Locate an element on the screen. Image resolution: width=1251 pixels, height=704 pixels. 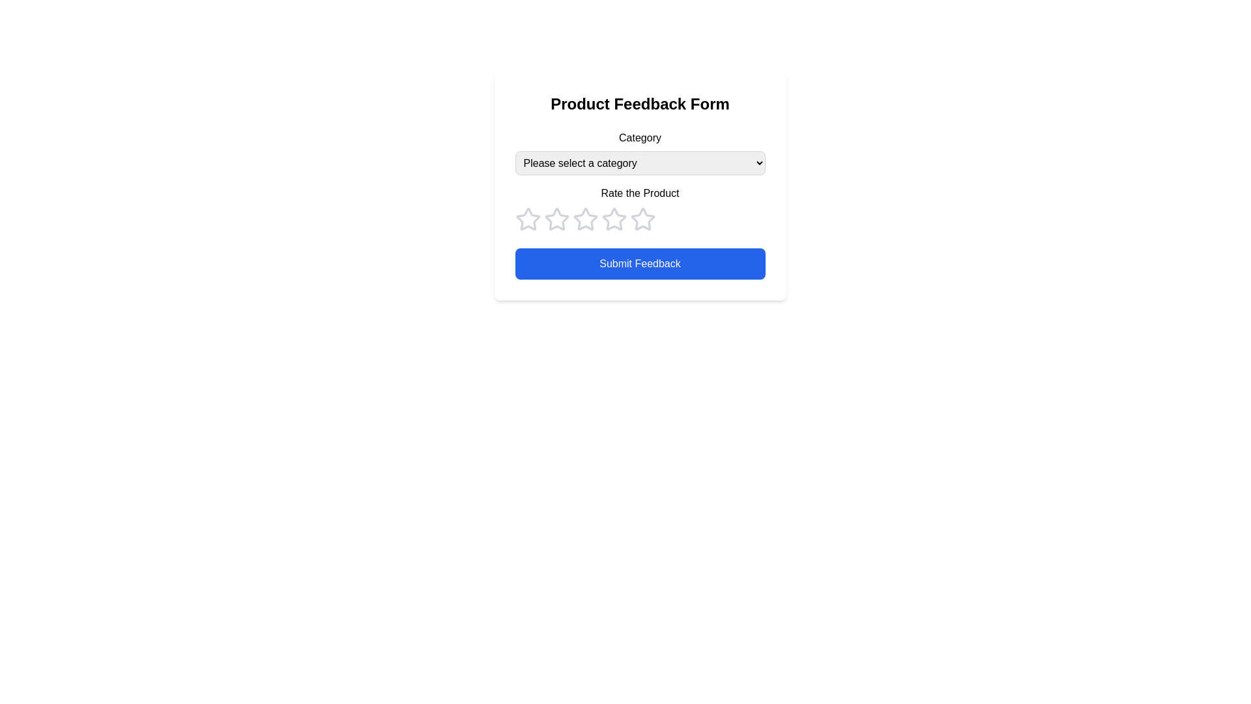
the second star icon in the series of five star icons, located beneath the 'Rate the Product' label is located at coordinates (556, 218).